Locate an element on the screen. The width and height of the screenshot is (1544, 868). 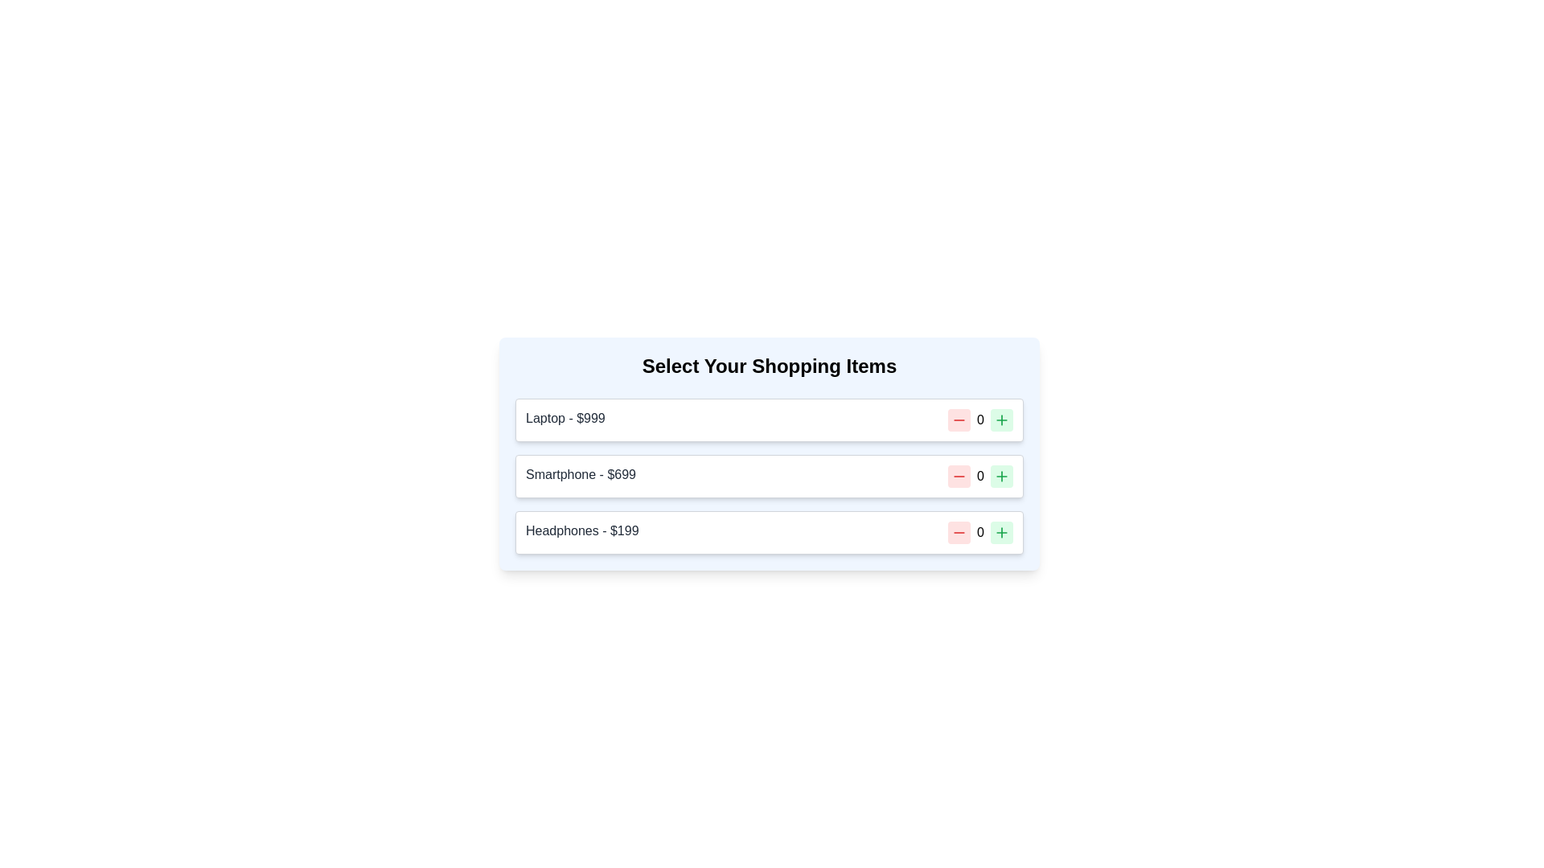
the green button with rounded corners and a plus icon to increment the counter is located at coordinates (1001, 476).